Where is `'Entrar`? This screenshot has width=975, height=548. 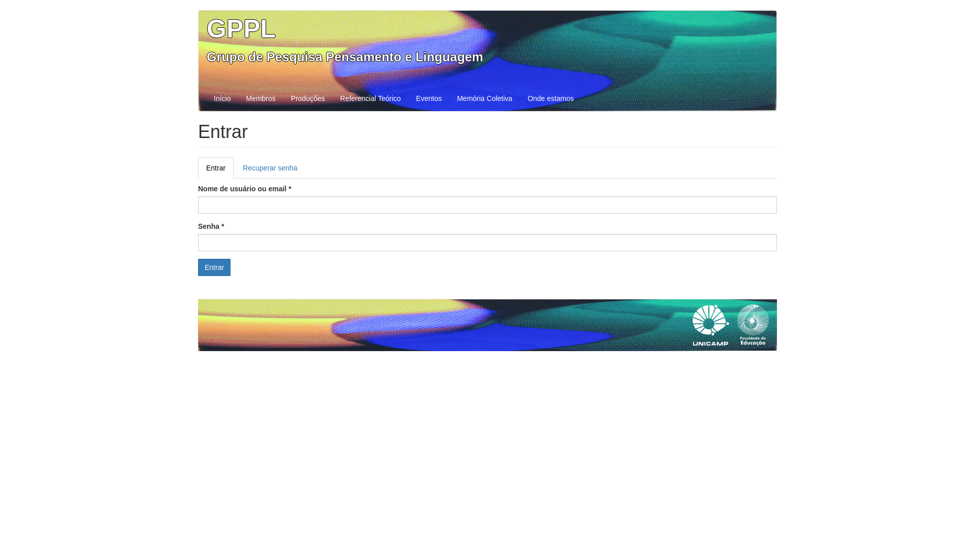 'Entrar is located at coordinates (215, 167).